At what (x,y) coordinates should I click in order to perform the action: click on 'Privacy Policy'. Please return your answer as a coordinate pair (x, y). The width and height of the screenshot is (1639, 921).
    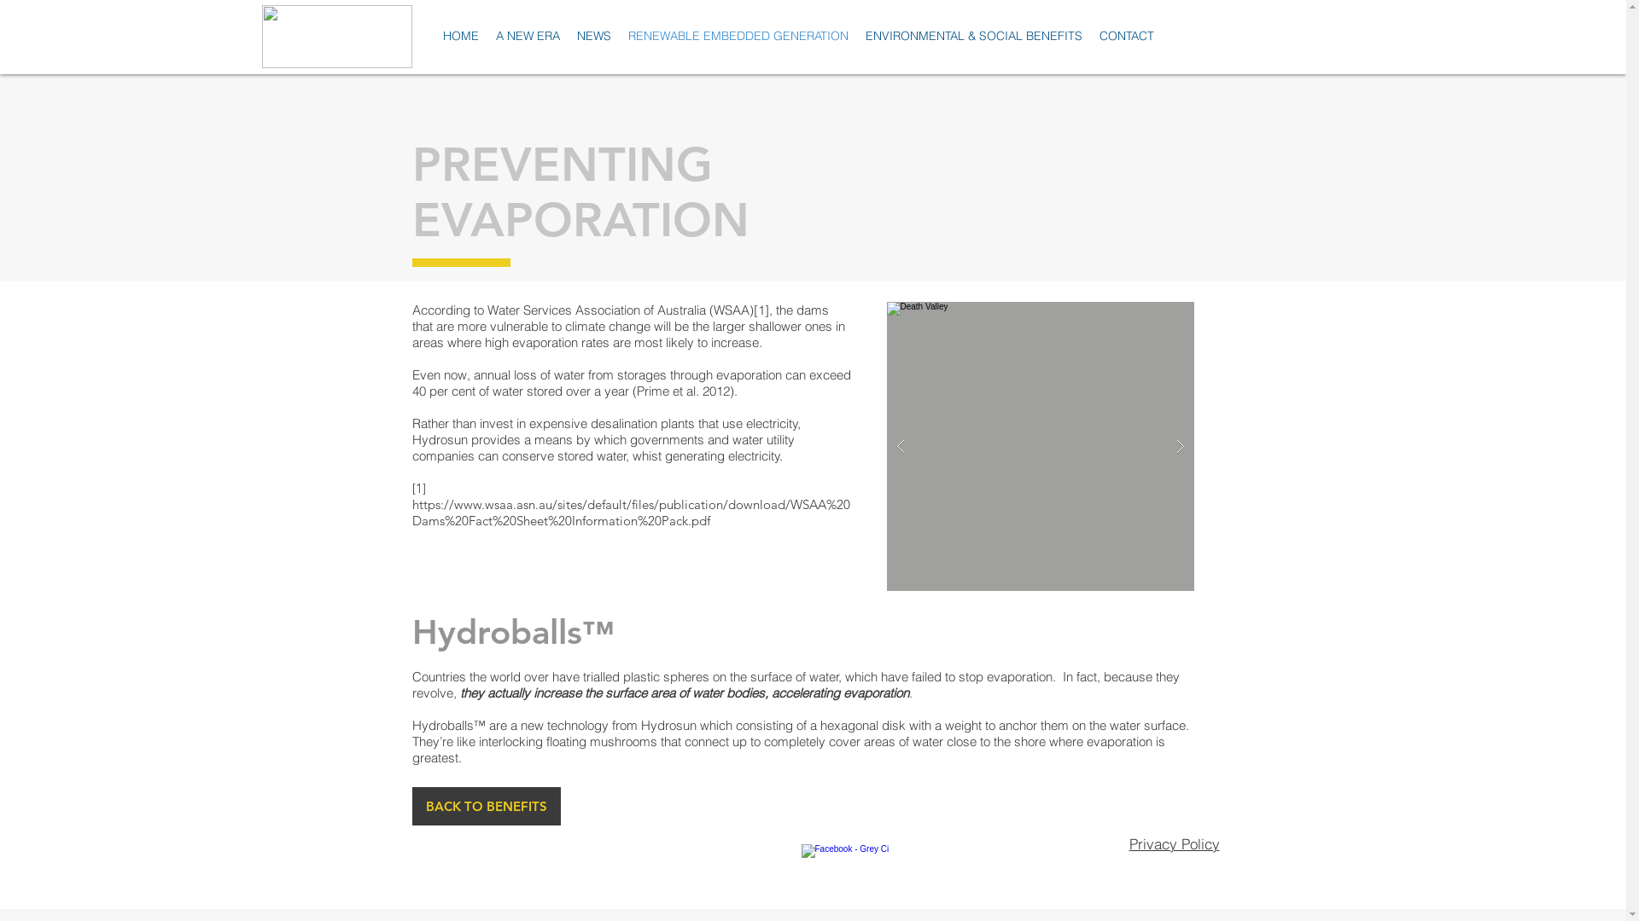
    Looking at the image, I should click on (1172, 843).